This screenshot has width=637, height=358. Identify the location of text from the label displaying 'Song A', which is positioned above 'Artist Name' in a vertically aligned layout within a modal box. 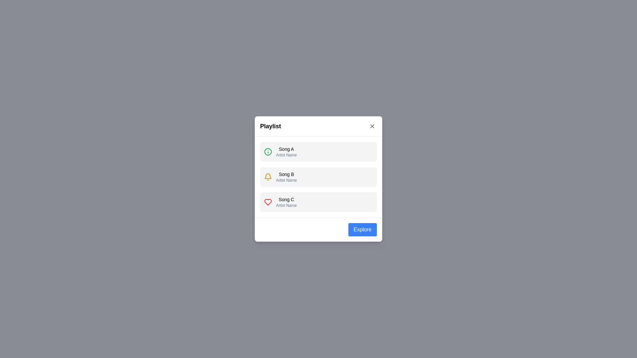
(286, 149).